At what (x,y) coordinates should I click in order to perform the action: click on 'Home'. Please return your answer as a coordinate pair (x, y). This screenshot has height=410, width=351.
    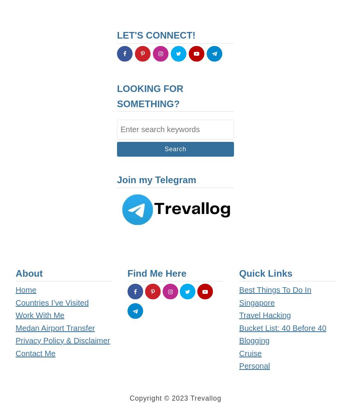
    Looking at the image, I should click on (15, 290).